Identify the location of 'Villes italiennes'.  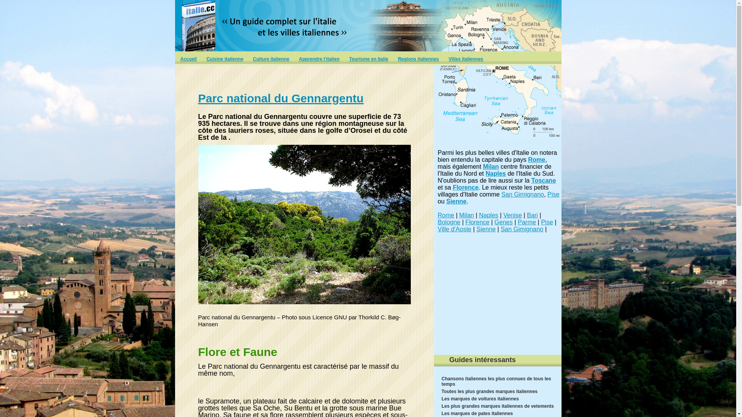
(465, 59).